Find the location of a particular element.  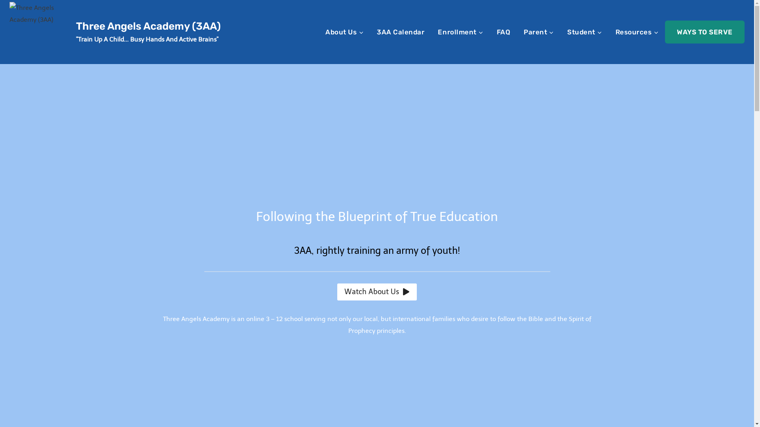

'Watch About Us' is located at coordinates (337, 292).